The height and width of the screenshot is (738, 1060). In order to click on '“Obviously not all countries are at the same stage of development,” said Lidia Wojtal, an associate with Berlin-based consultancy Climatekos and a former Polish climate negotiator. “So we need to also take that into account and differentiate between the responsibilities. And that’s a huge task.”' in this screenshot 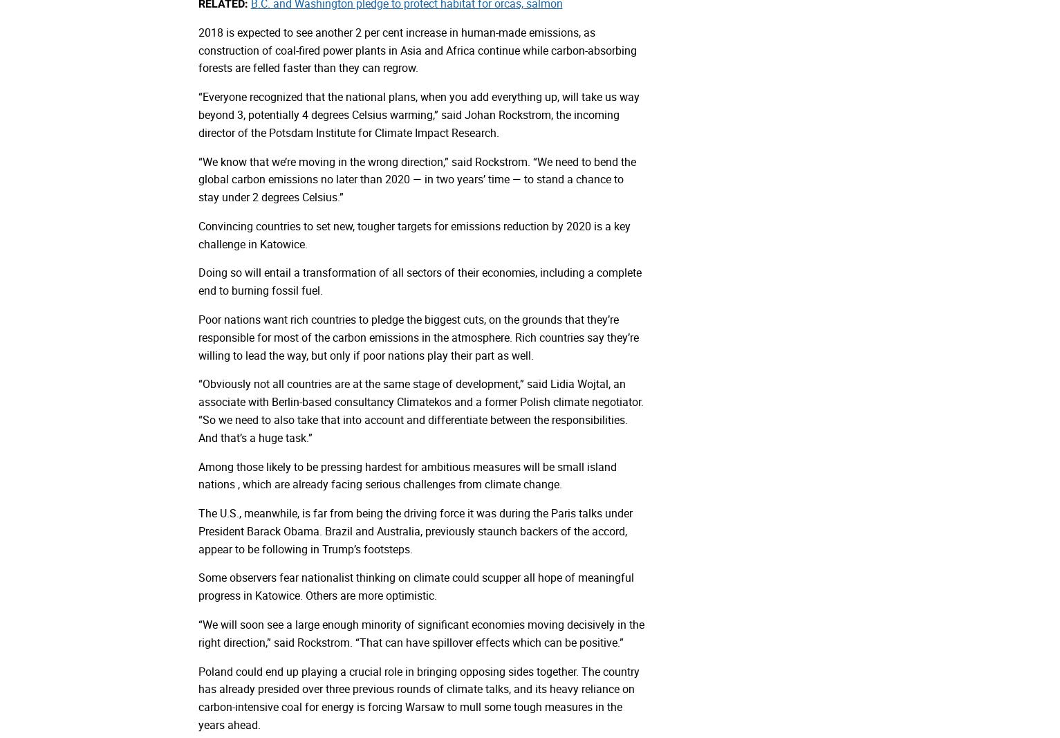, I will do `click(419, 410)`.